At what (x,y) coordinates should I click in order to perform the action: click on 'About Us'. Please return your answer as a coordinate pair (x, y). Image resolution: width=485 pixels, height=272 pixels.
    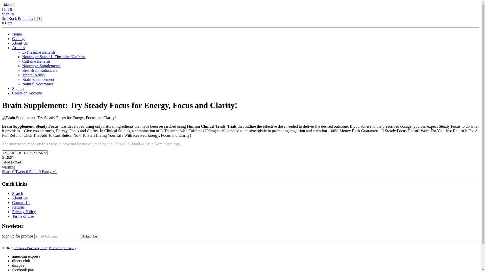
    Looking at the image, I should click on (20, 198).